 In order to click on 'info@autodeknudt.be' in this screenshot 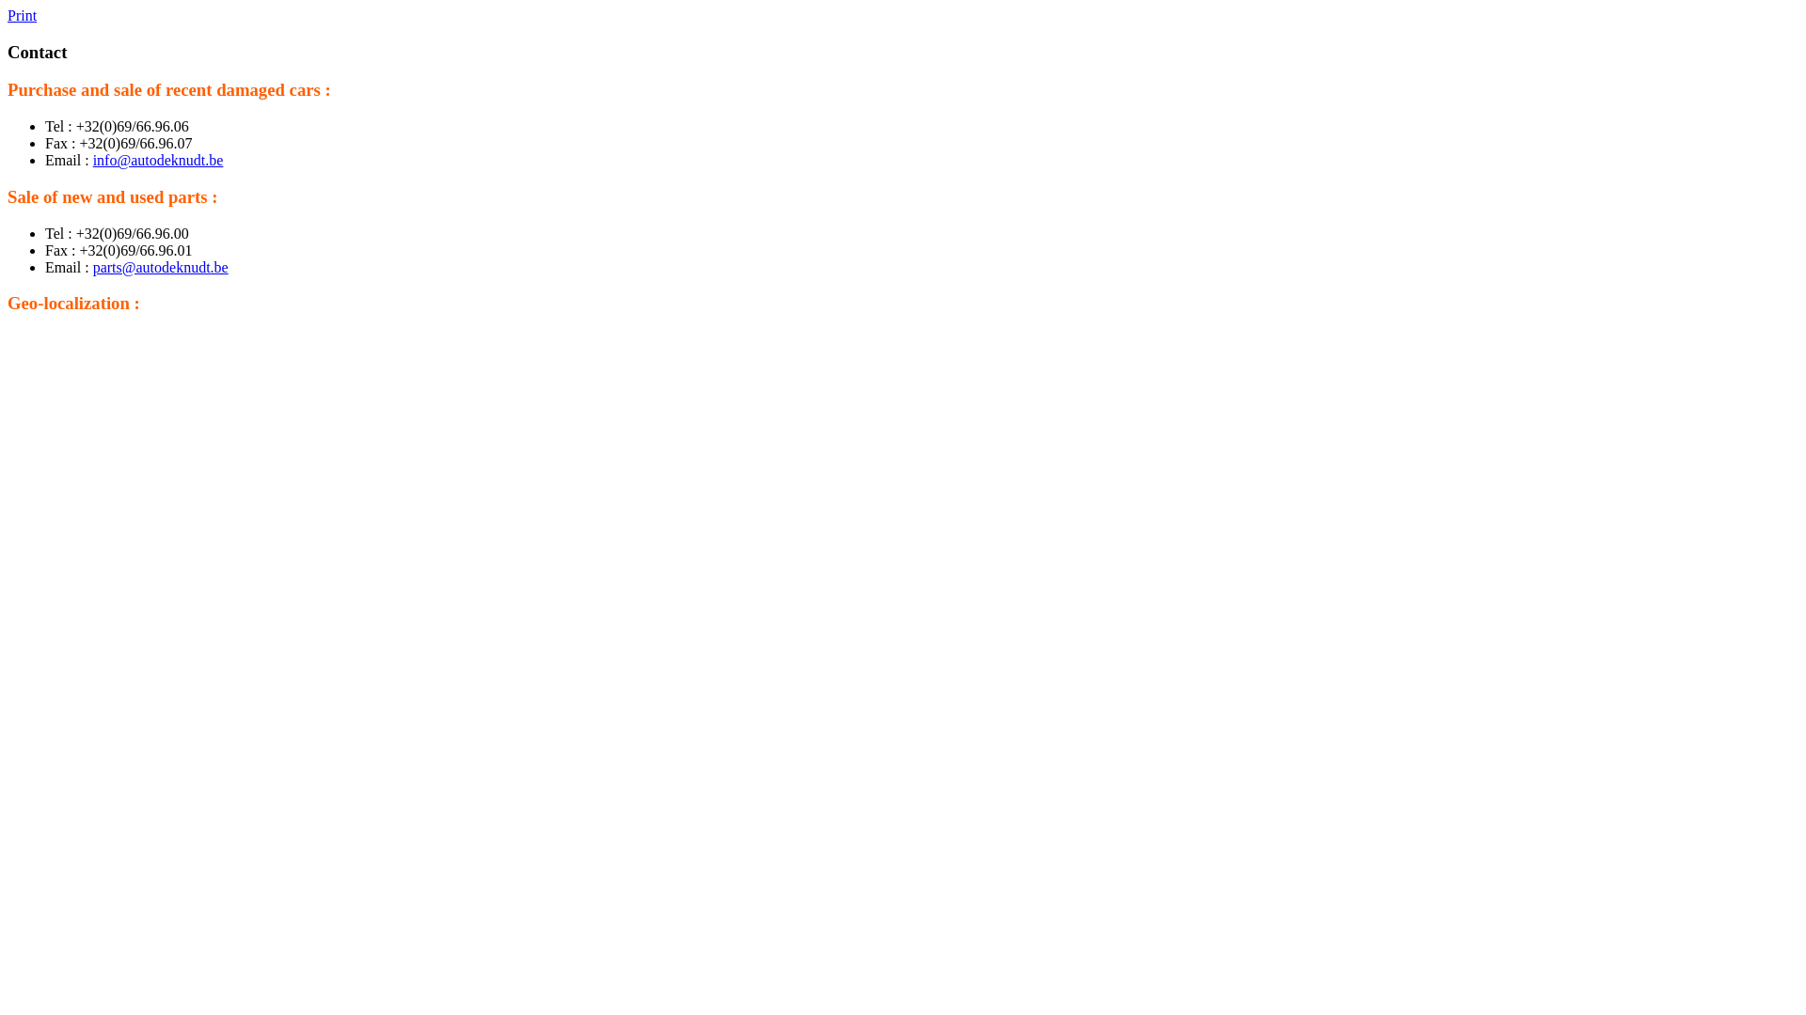, I will do `click(158, 159)`.